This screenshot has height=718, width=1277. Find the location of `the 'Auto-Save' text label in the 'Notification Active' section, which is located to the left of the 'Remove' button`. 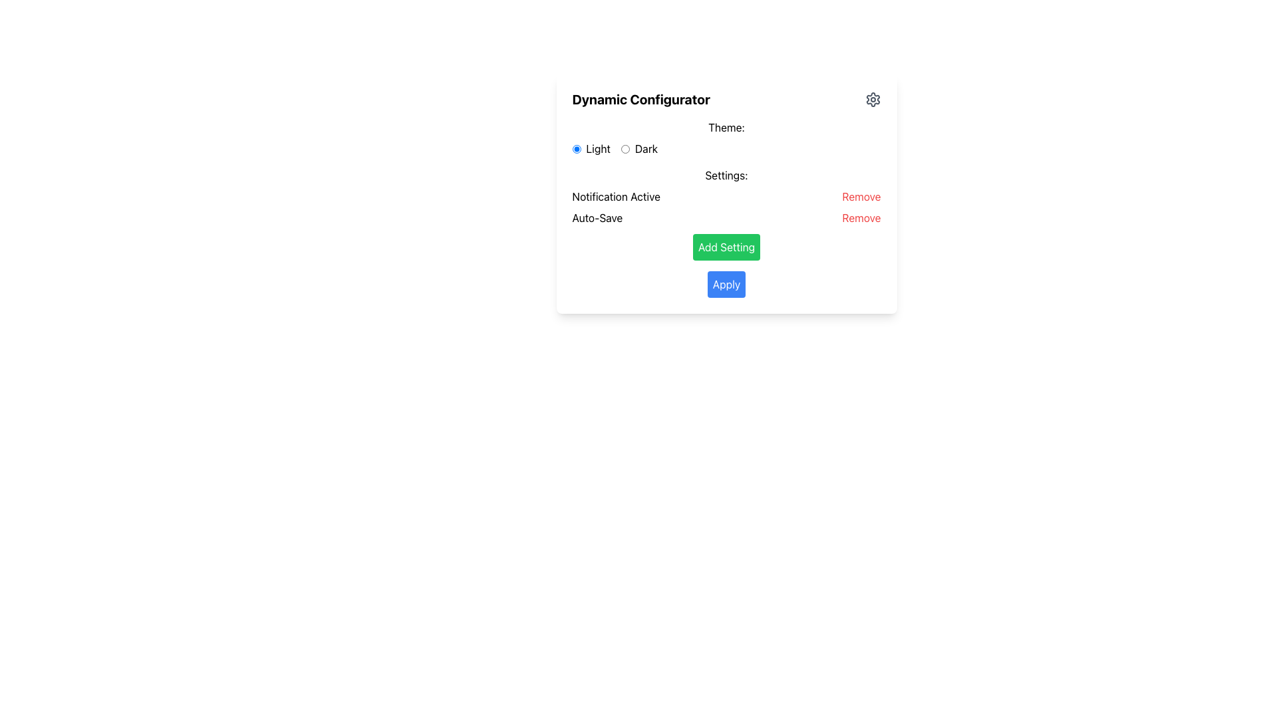

the 'Auto-Save' text label in the 'Notification Active' section, which is located to the left of the 'Remove' button is located at coordinates (597, 217).